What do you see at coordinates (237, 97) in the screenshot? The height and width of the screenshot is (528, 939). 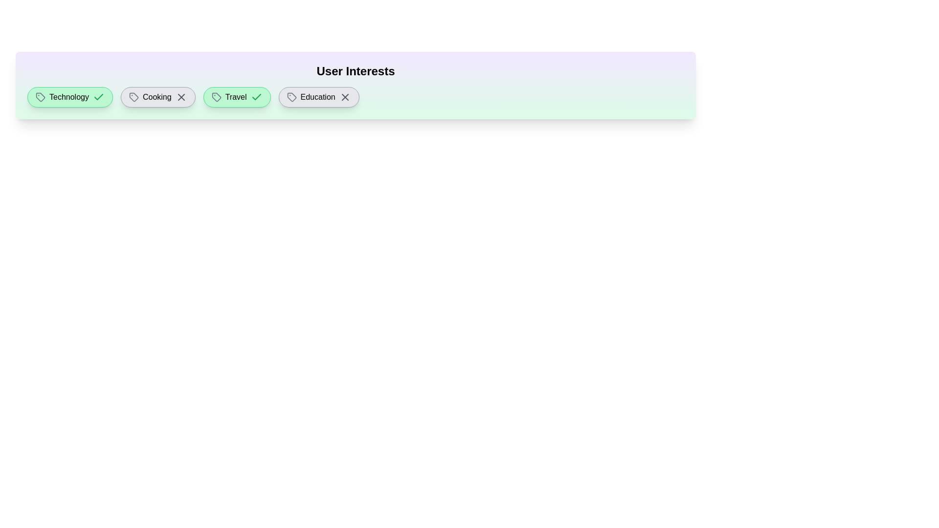 I see `the interest tag labeled Travel` at bounding box center [237, 97].